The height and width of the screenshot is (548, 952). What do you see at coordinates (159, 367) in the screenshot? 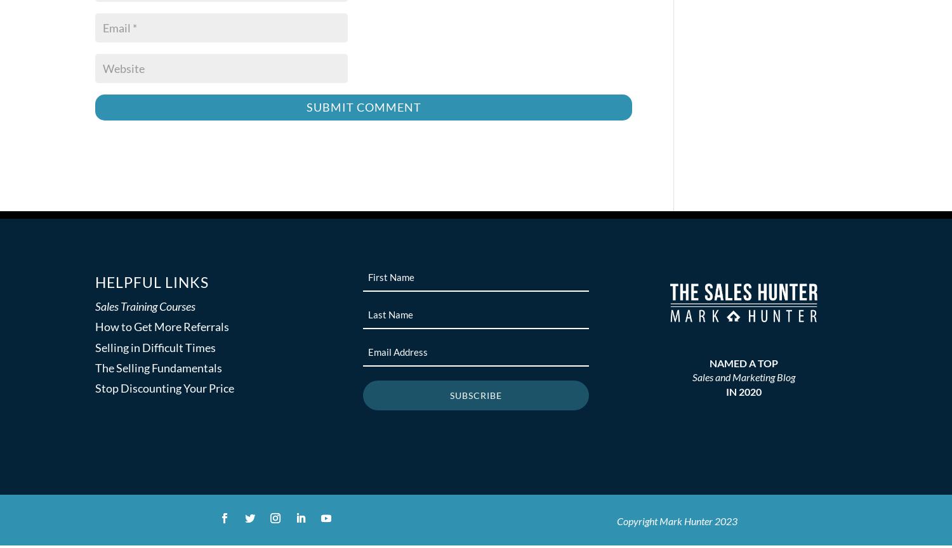
I see `'The Selling Fundamentals'` at bounding box center [159, 367].